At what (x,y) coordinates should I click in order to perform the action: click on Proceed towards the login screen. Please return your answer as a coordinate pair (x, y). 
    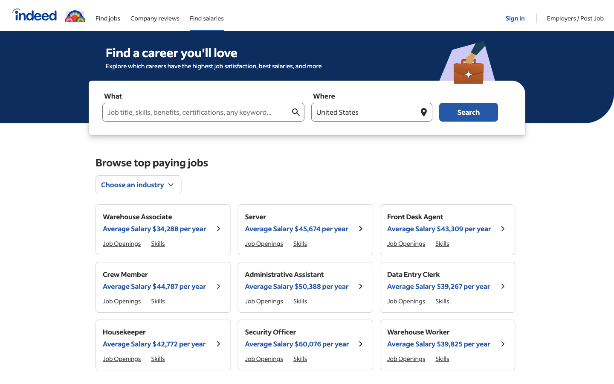
    Looking at the image, I should click on (516, 15).